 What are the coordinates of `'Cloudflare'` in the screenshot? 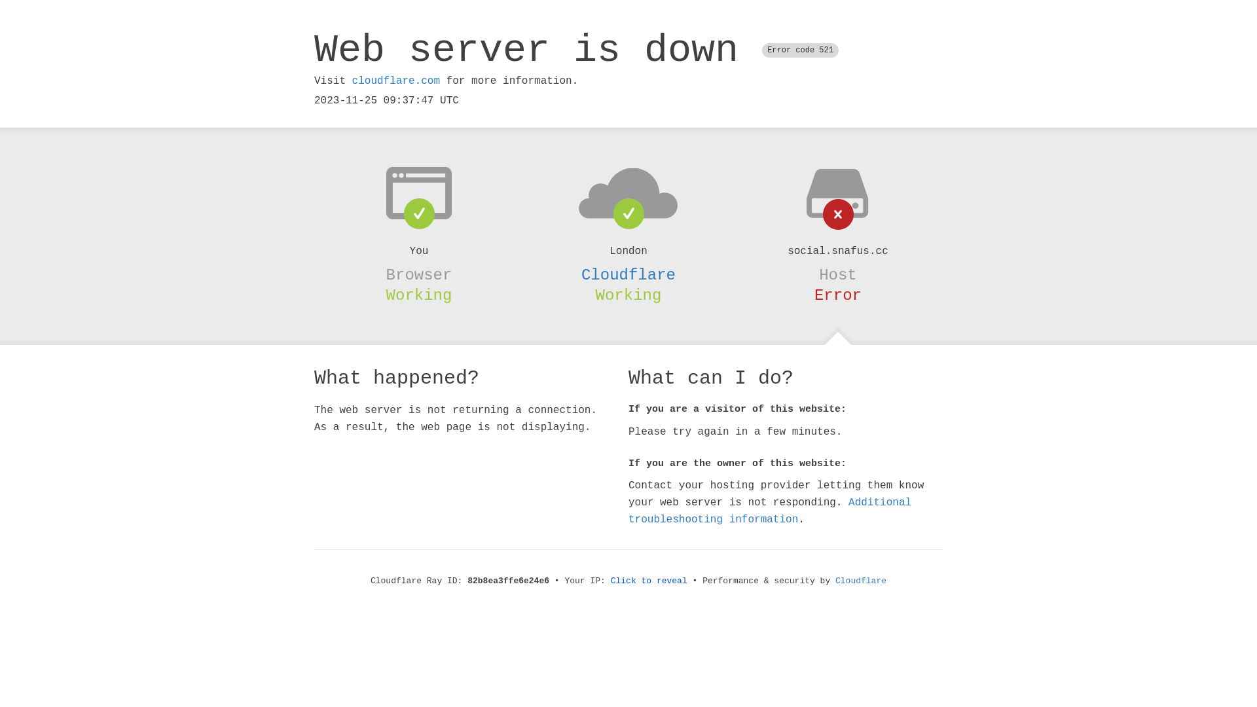 It's located at (861, 580).